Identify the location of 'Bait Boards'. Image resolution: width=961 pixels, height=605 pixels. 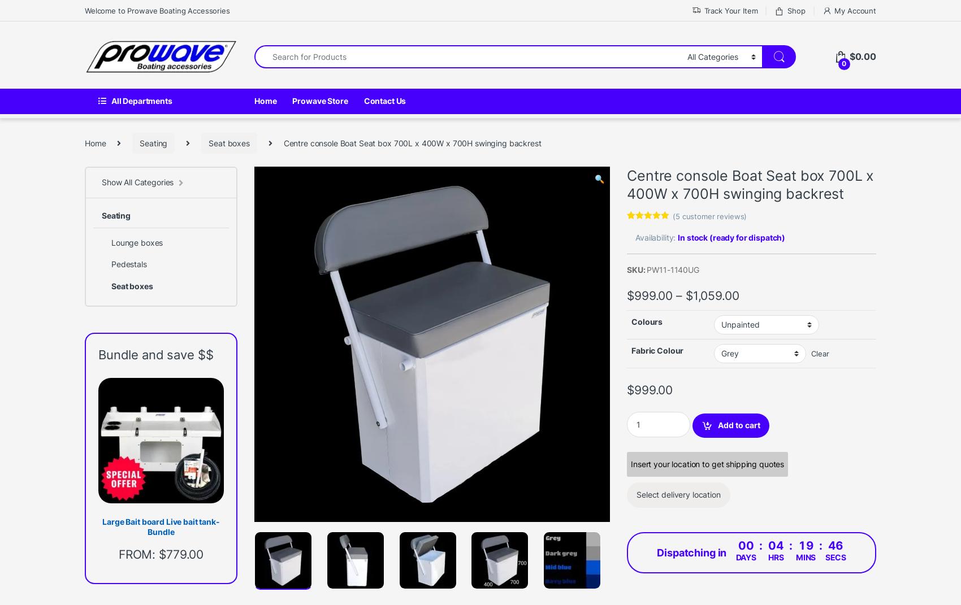
(437, 569).